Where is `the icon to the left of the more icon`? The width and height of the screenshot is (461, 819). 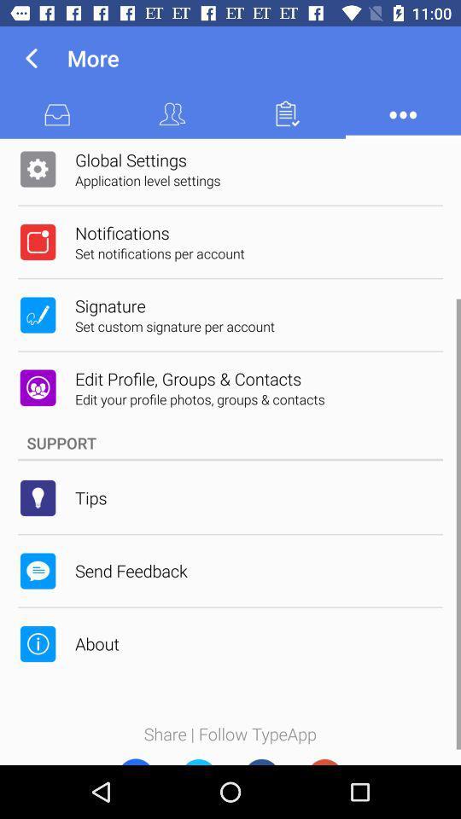 the icon to the left of the more icon is located at coordinates (31, 58).